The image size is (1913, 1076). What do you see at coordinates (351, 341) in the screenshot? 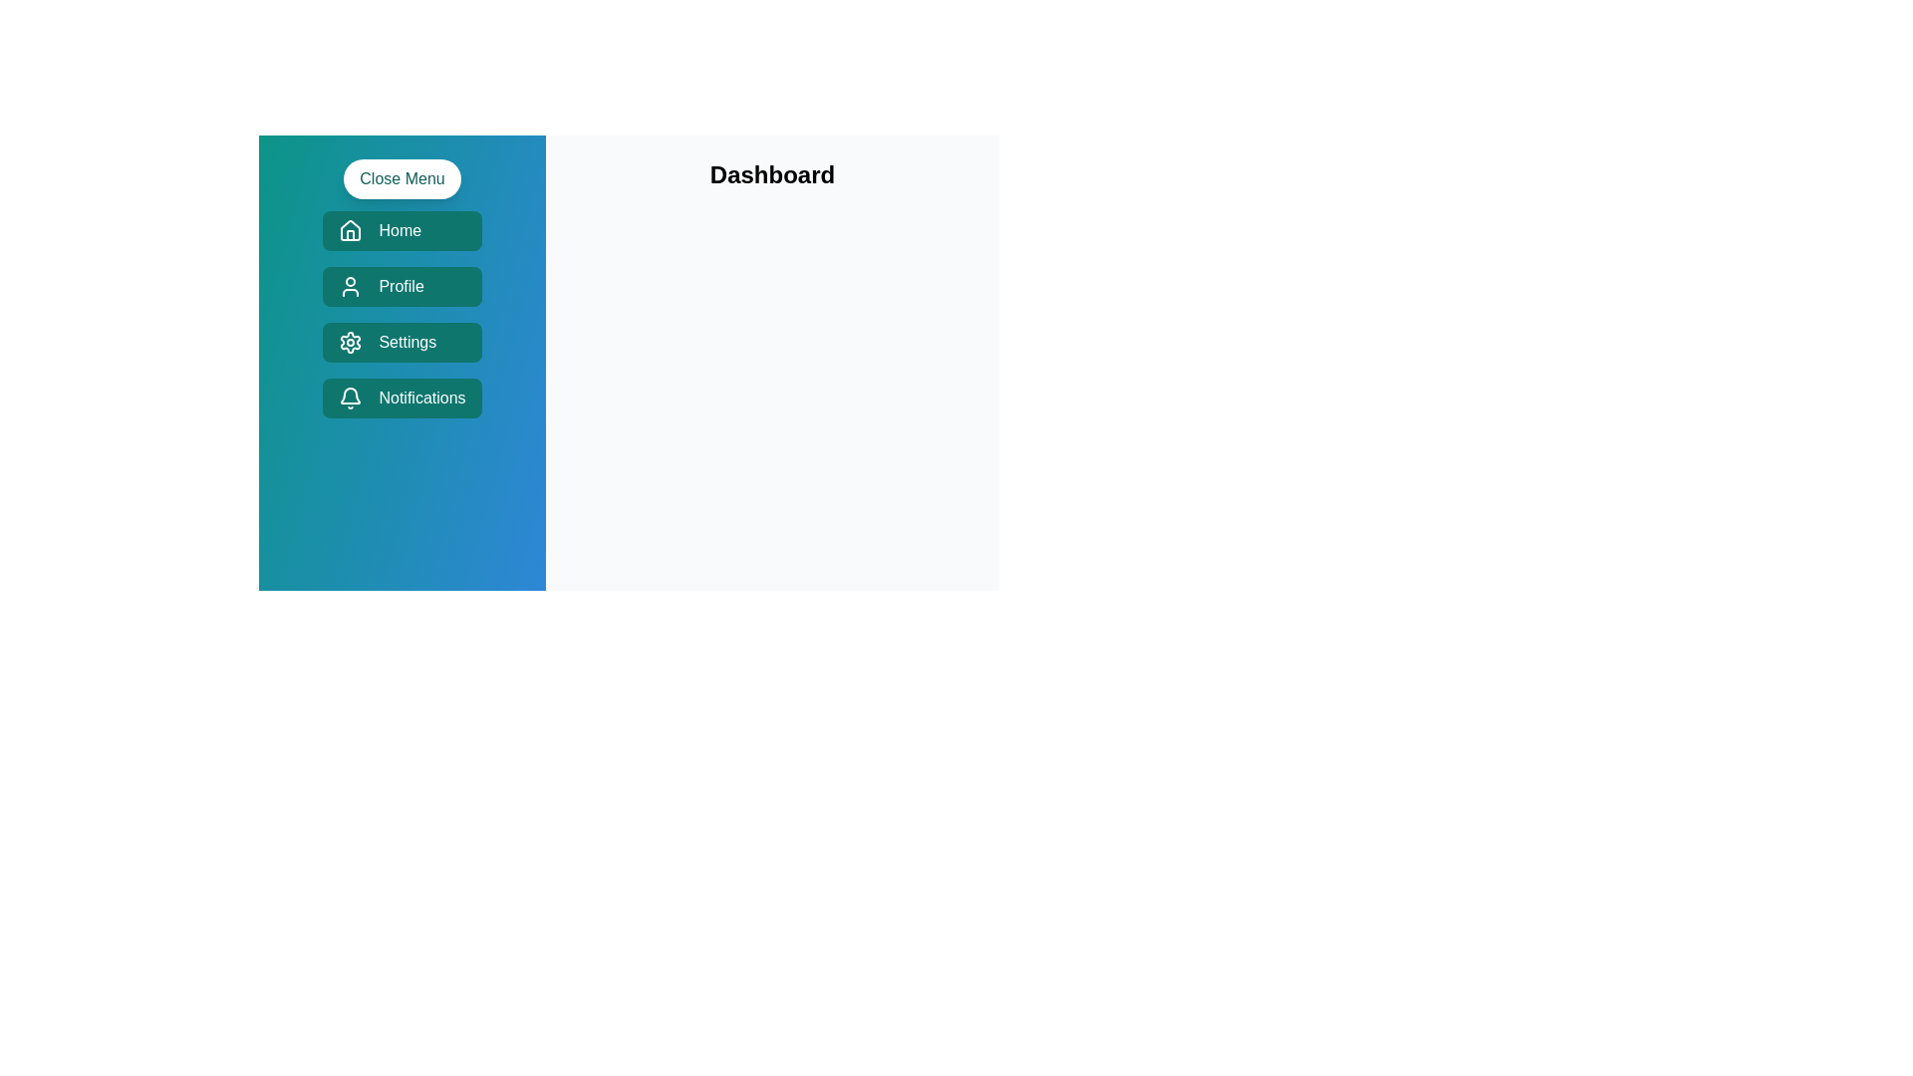
I see `the settings gear icon, which is a minimalistic green cogwheel located in the vertical menu between the Profile and Notifications buttons` at bounding box center [351, 341].